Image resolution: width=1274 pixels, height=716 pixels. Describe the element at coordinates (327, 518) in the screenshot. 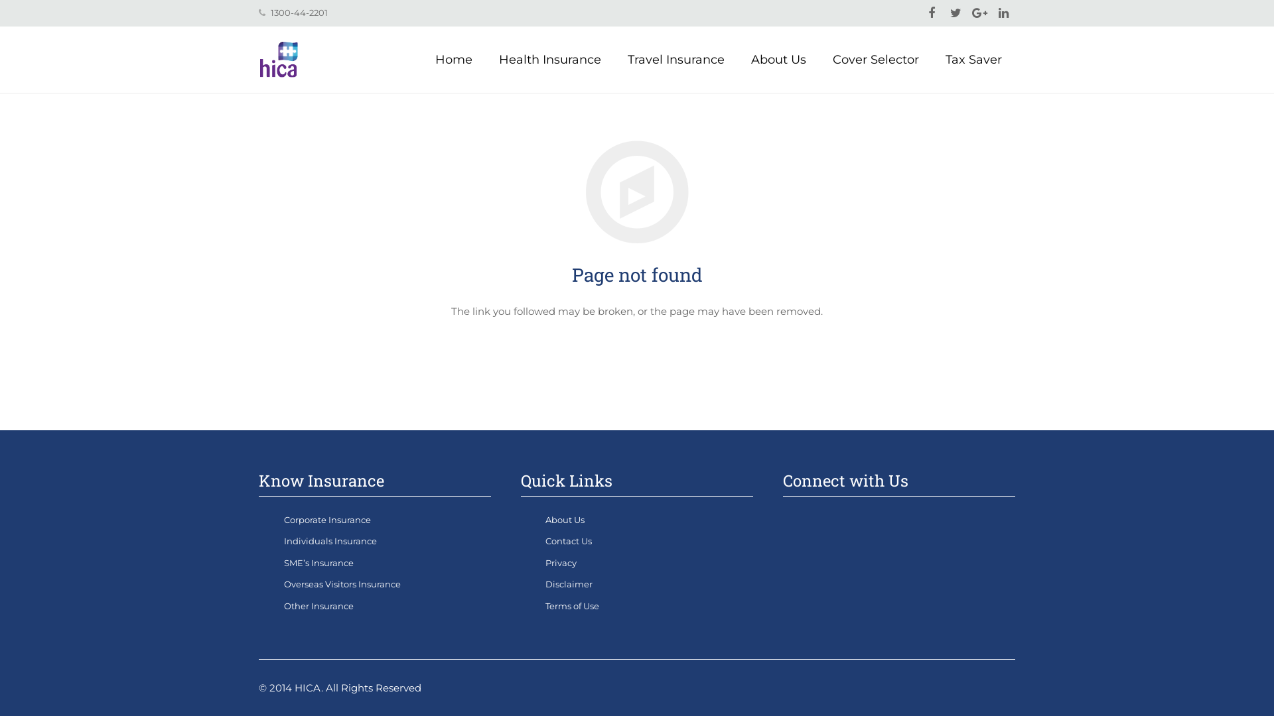

I see `'Corporate Insurance'` at that location.